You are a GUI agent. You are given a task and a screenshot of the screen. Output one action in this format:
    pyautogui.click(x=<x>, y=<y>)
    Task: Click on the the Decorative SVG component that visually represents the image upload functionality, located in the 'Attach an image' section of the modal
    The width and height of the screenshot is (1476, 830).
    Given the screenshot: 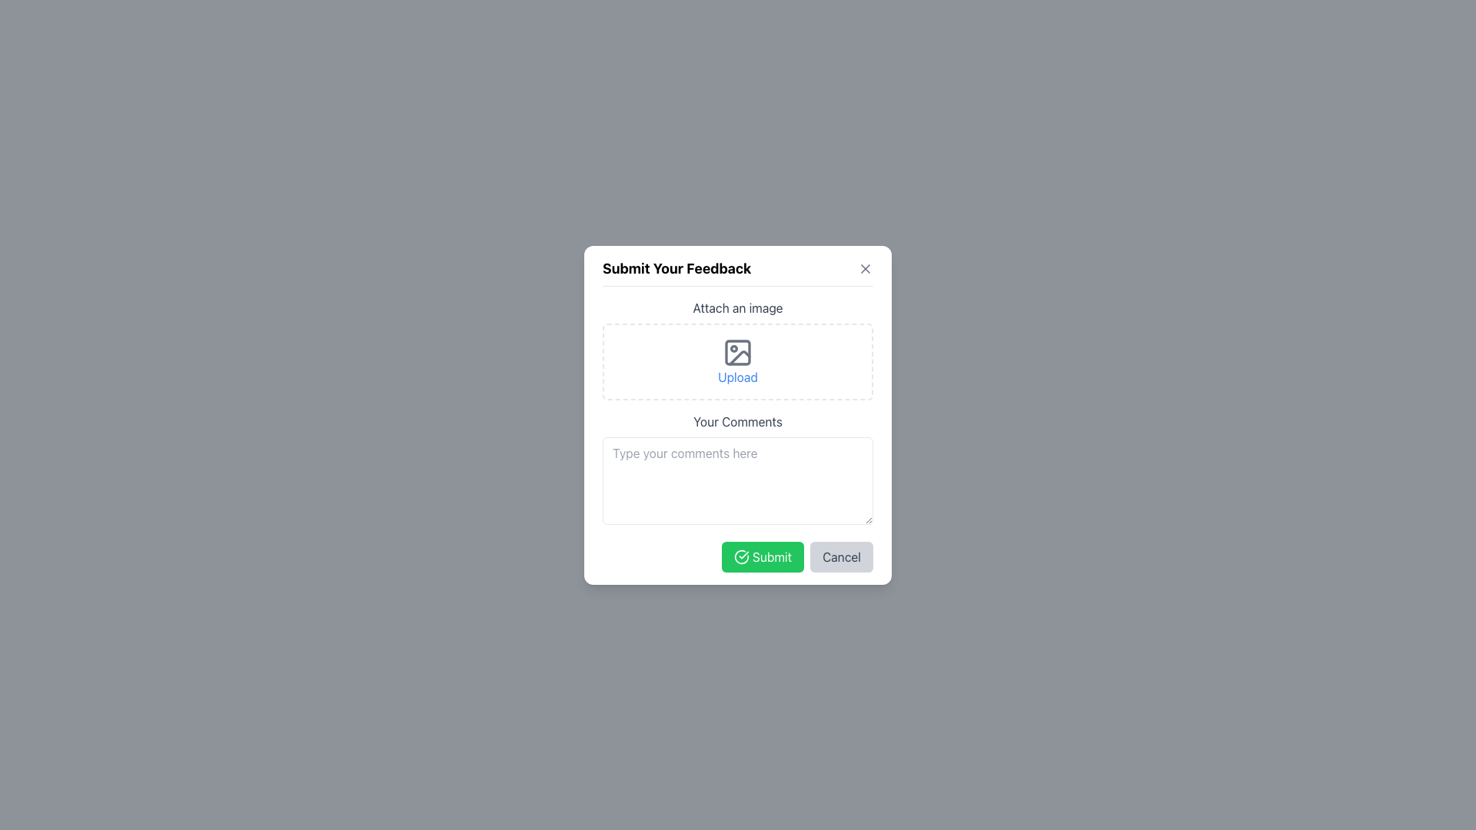 What is the action you would take?
    pyautogui.click(x=738, y=352)
    